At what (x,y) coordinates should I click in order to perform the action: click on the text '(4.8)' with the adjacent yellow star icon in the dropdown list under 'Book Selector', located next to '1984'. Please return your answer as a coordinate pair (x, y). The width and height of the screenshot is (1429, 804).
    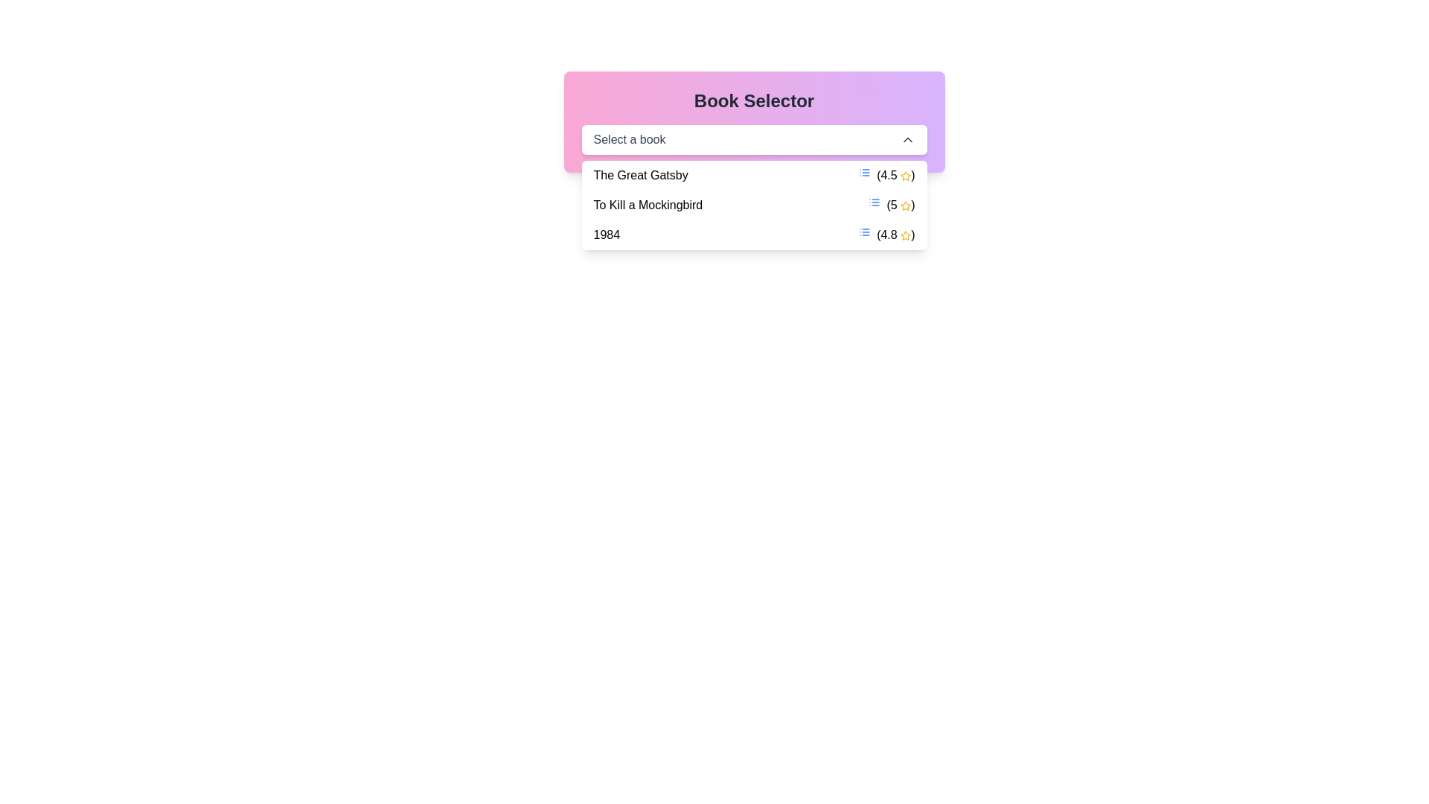
    Looking at the image, I should click on (895, 234).